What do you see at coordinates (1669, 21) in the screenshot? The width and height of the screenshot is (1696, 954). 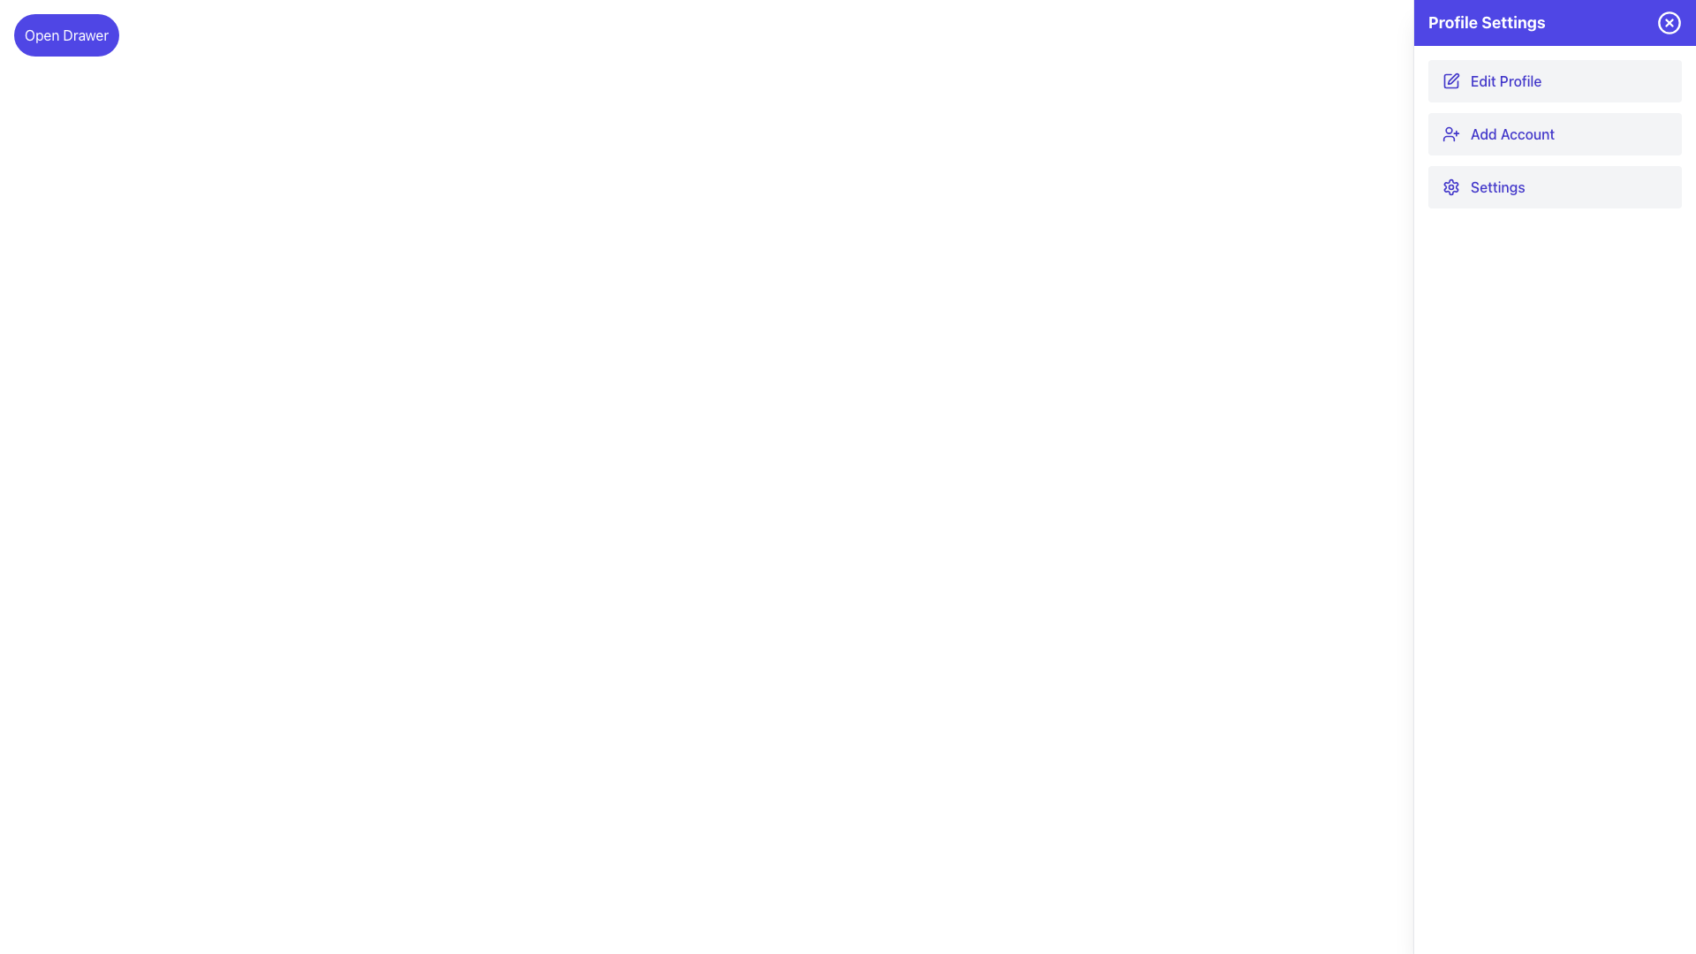 I see `the circular graphical component of the SVG icon located at the top-right corner of the Profile Settings panel` at bounding box center [1669, 21].